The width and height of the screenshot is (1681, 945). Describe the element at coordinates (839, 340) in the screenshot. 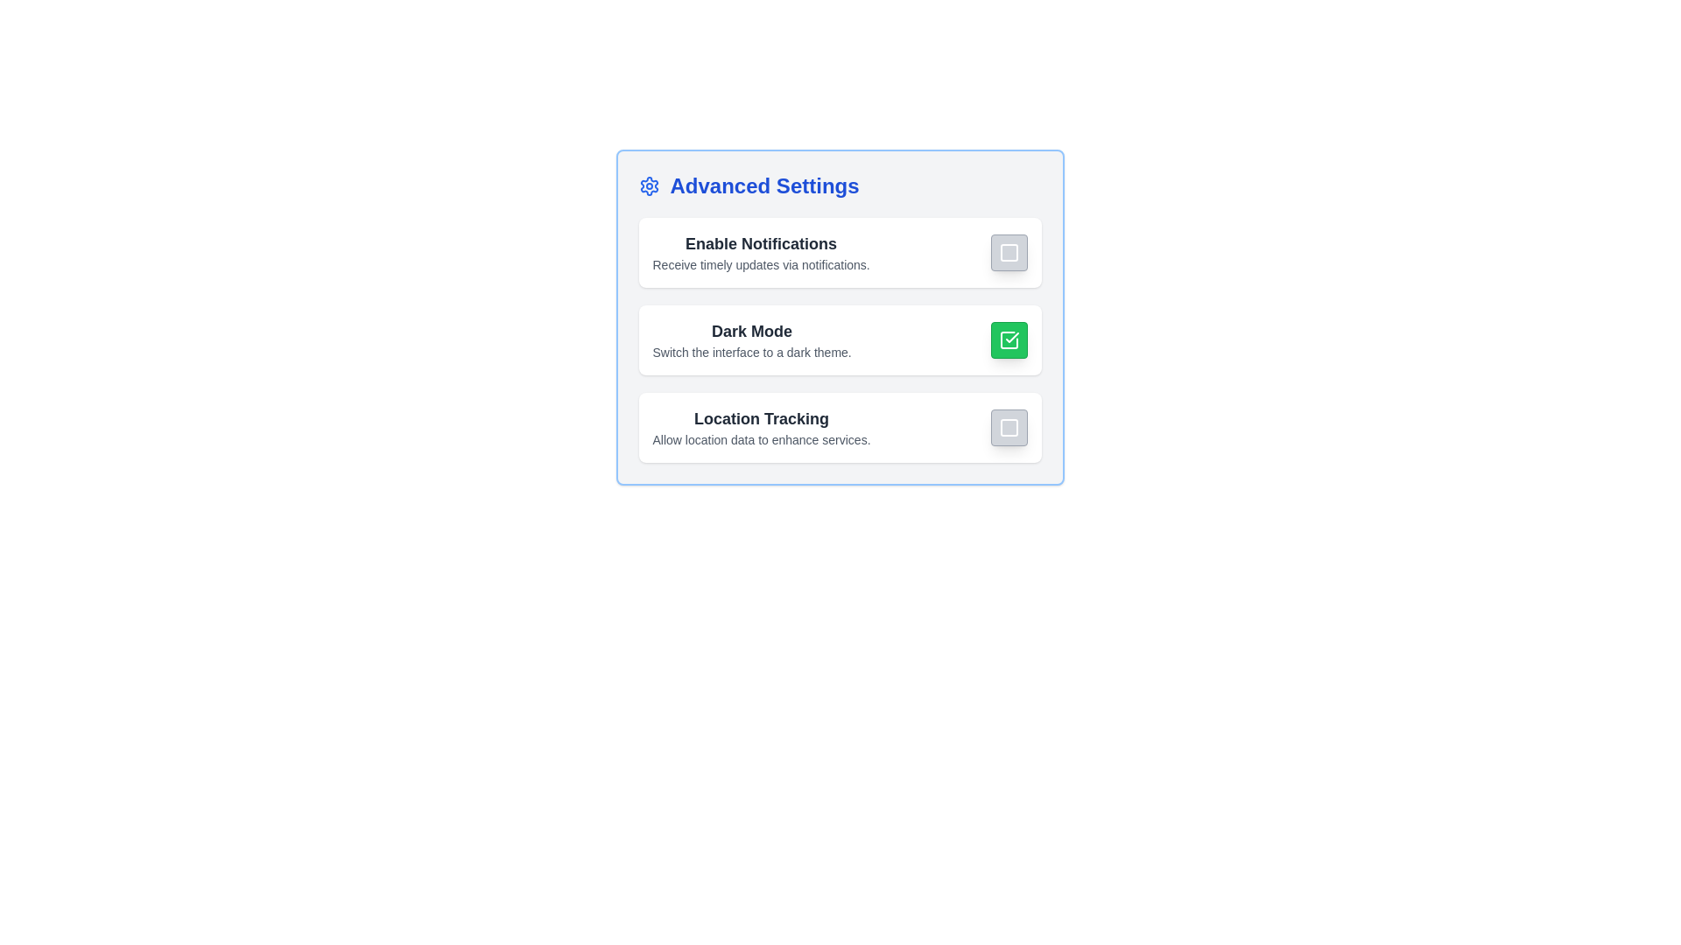

I see `the labeled toggle item for dark mode in the Advanced Settings` at that location.